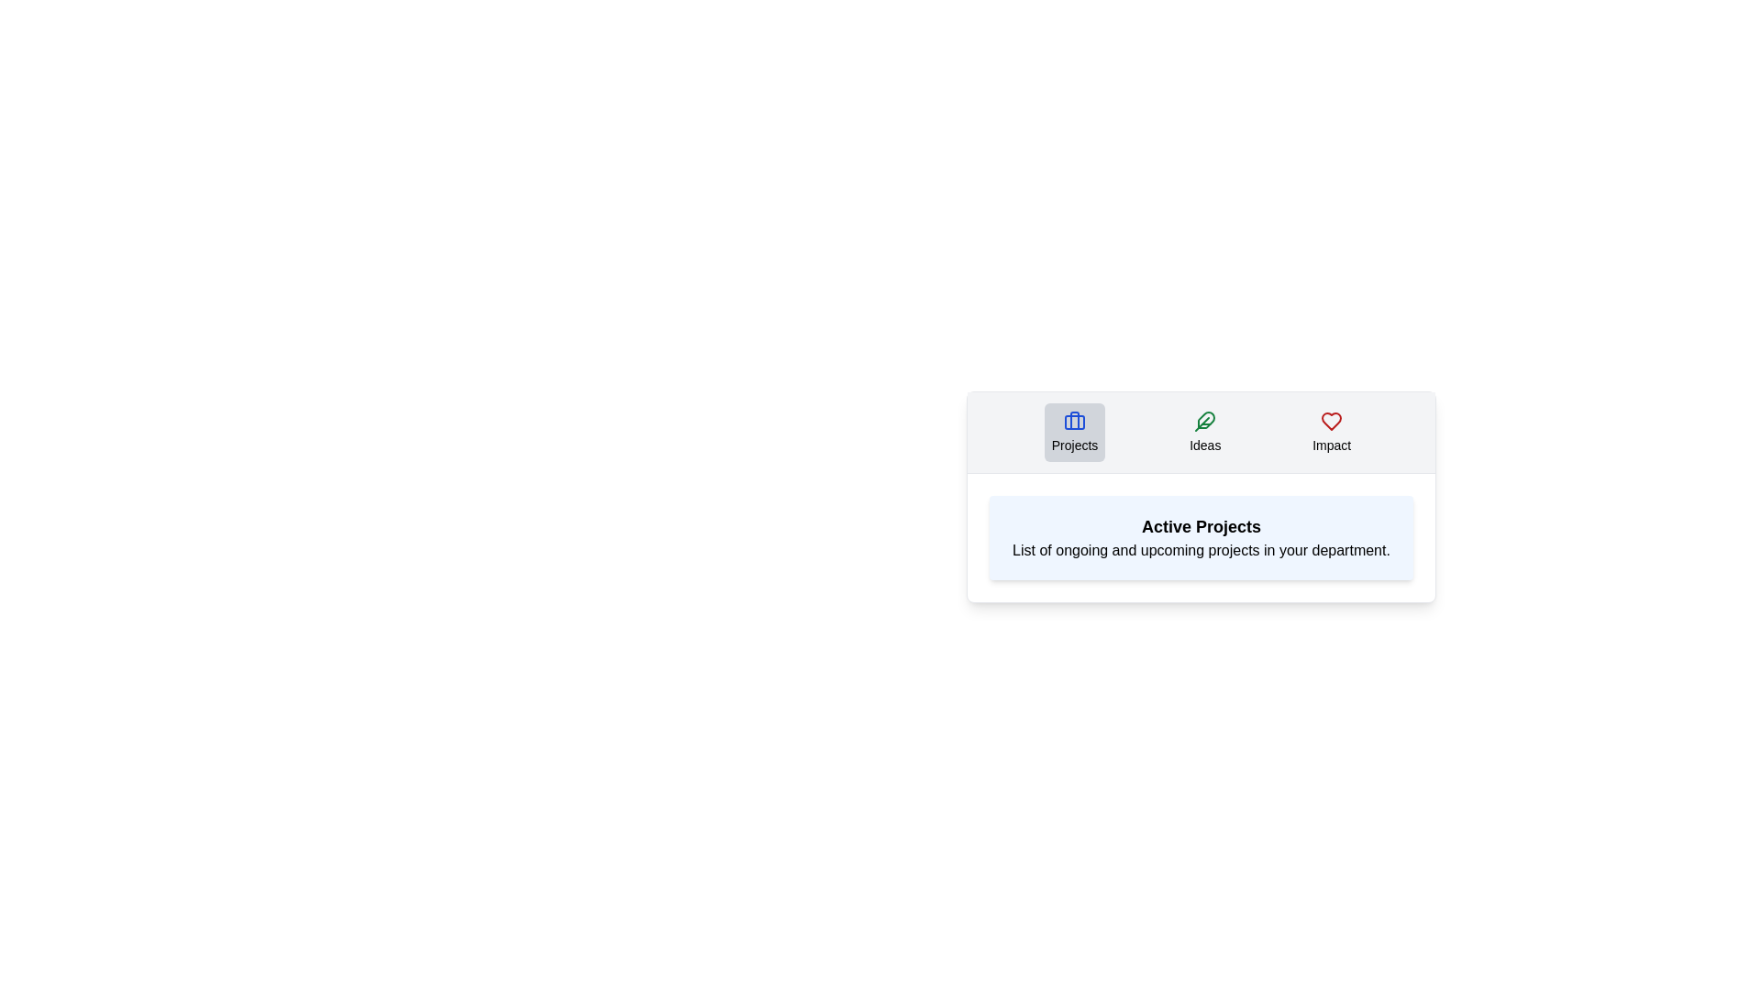  I want to click on the Impact tab by clicking on it, so click(1331, 432).